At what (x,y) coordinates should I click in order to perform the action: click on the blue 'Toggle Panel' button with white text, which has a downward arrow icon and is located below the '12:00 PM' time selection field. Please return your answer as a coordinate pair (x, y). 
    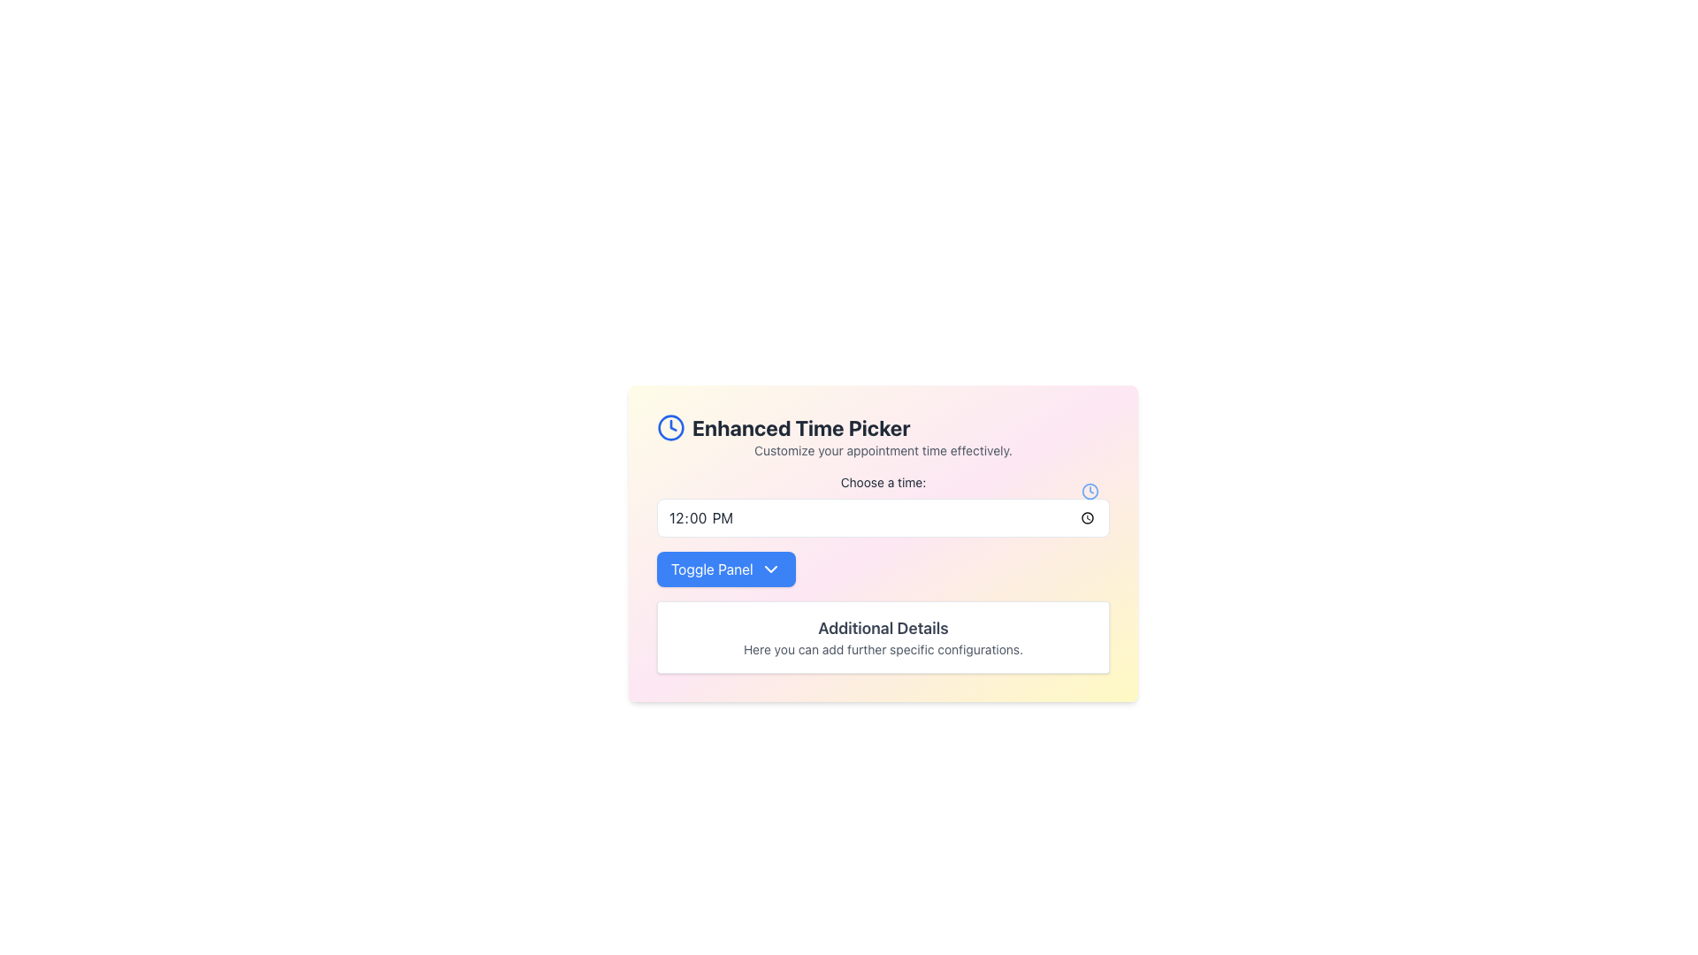
    Looking at the image, I should click on (726, 569).